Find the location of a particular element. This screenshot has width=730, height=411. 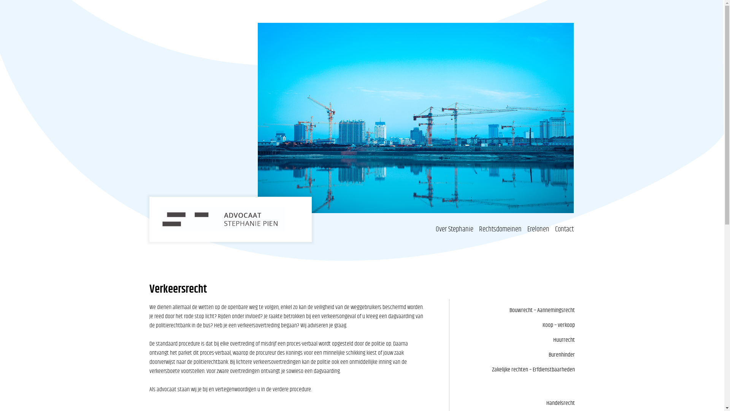

'Erelonen' is located at coordinates (538, 229).